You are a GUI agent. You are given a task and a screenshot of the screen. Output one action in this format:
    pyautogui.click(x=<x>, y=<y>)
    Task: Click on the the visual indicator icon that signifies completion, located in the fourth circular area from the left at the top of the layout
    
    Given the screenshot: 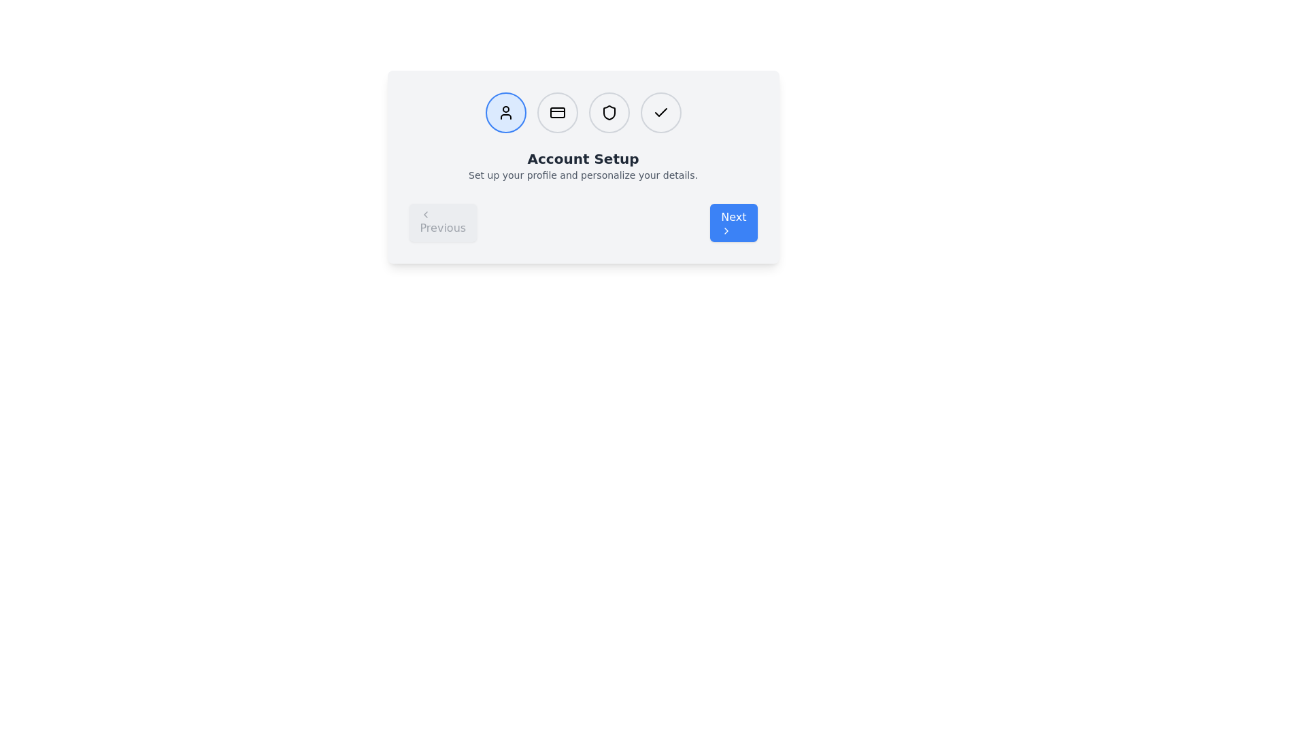 What is the action you would take?
    pyautogui.click(x=660, y=111)
    